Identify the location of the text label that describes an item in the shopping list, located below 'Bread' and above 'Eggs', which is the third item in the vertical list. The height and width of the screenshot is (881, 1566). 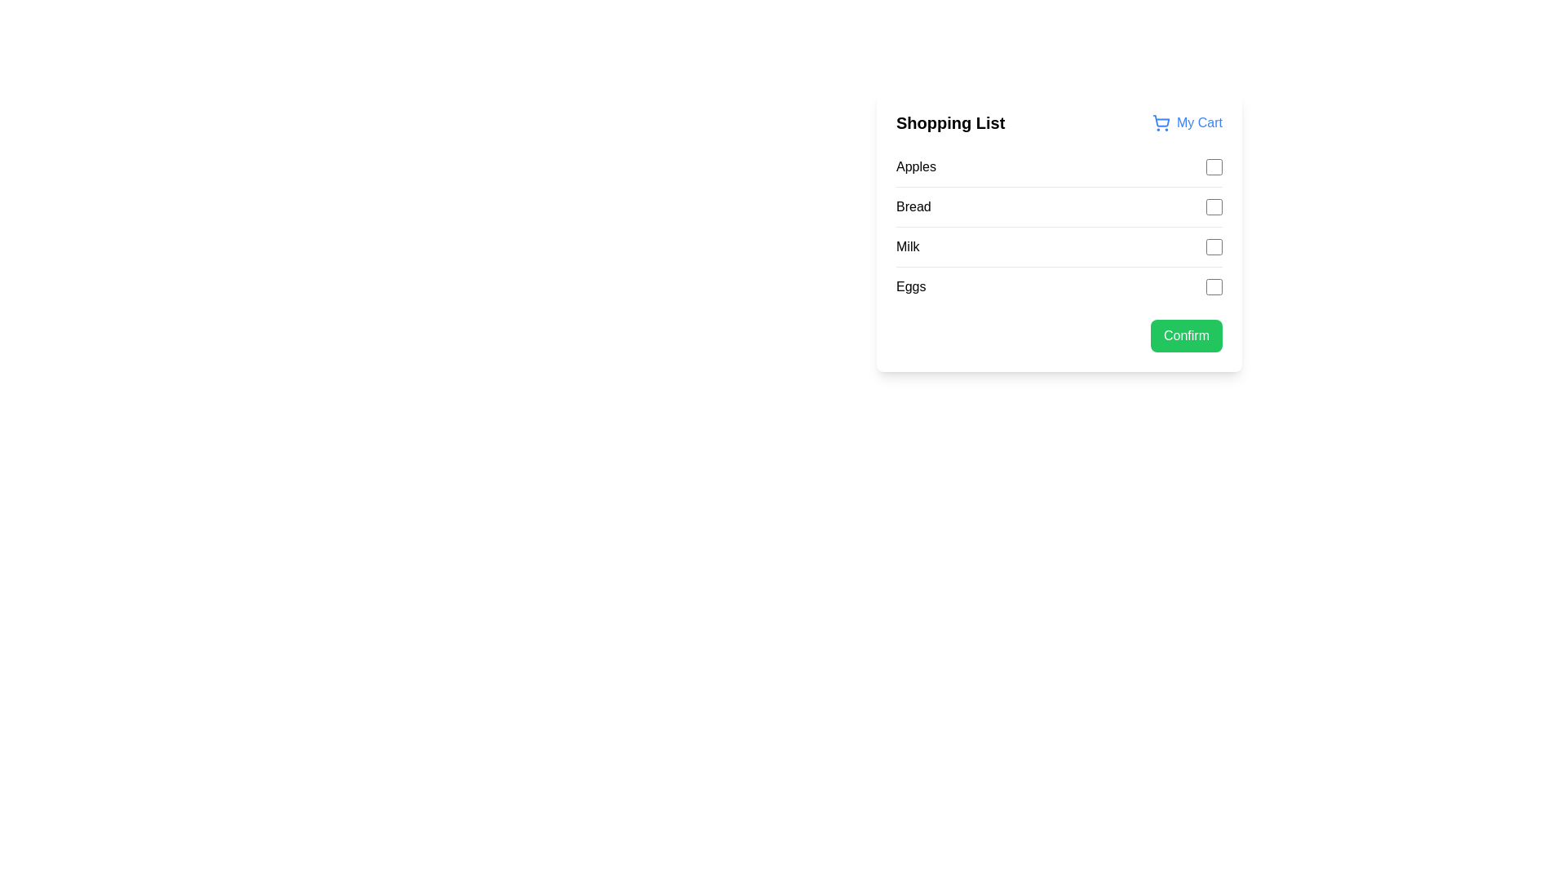
(907, 247).